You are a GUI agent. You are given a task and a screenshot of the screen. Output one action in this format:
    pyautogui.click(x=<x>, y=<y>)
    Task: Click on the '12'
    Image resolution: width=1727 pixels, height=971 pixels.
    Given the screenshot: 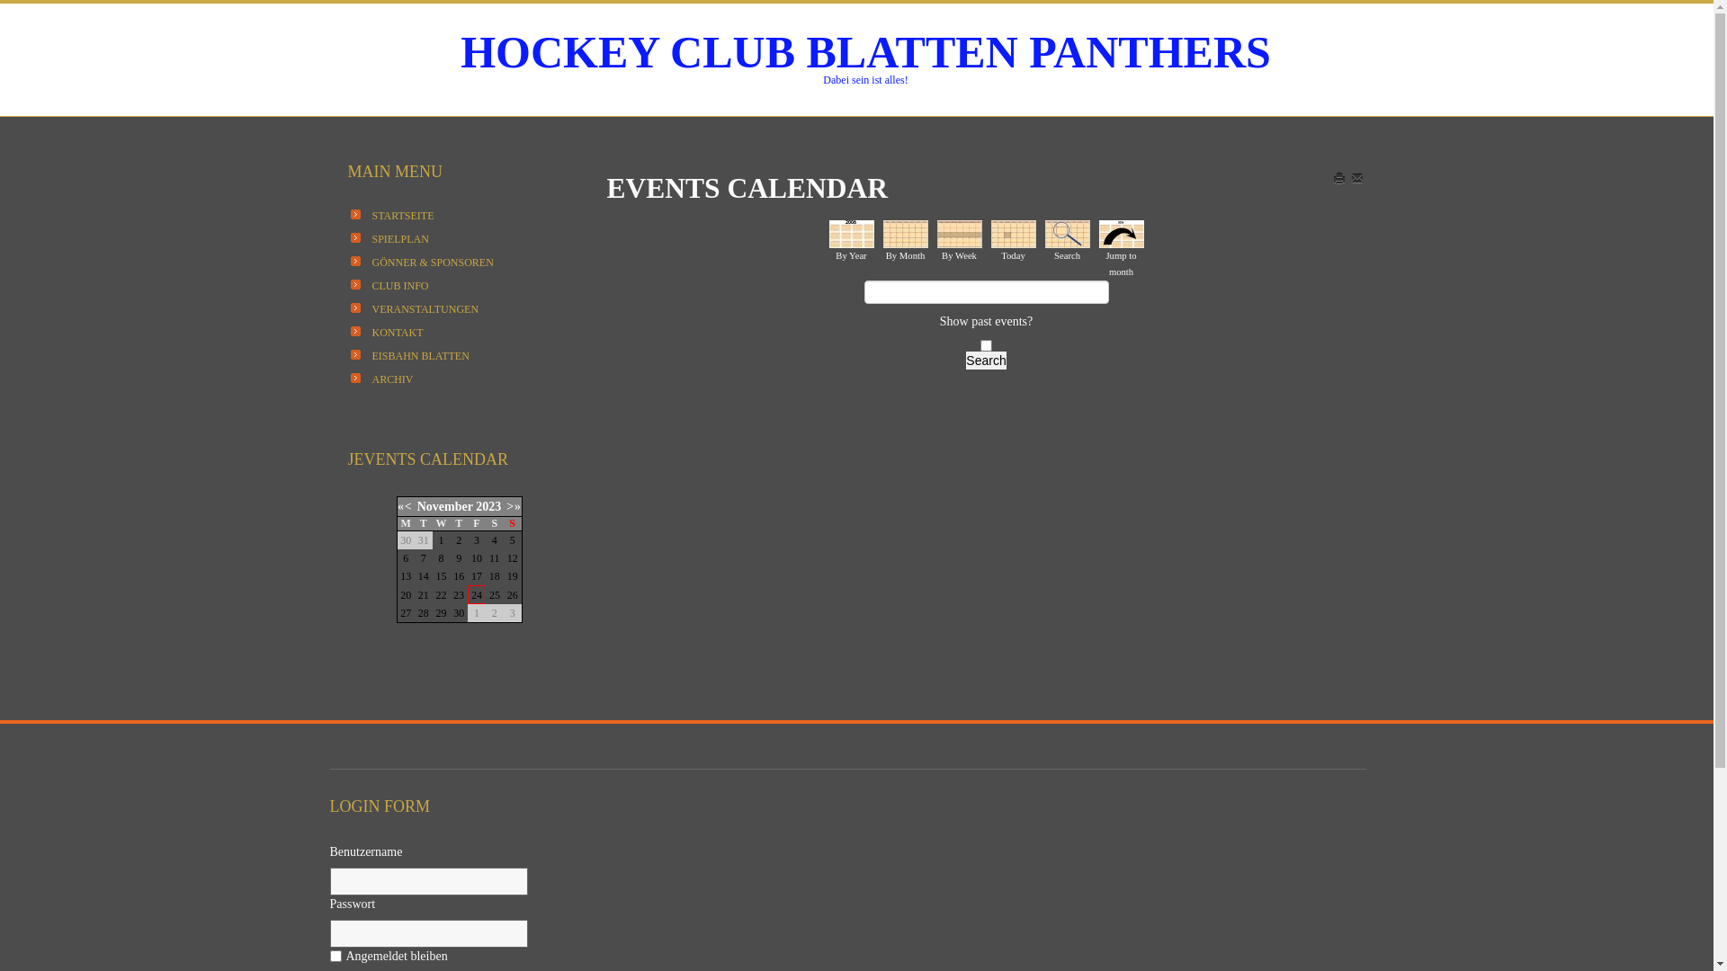 What is the action you would take?
    pyautogui.click(x=512, y=557)
    